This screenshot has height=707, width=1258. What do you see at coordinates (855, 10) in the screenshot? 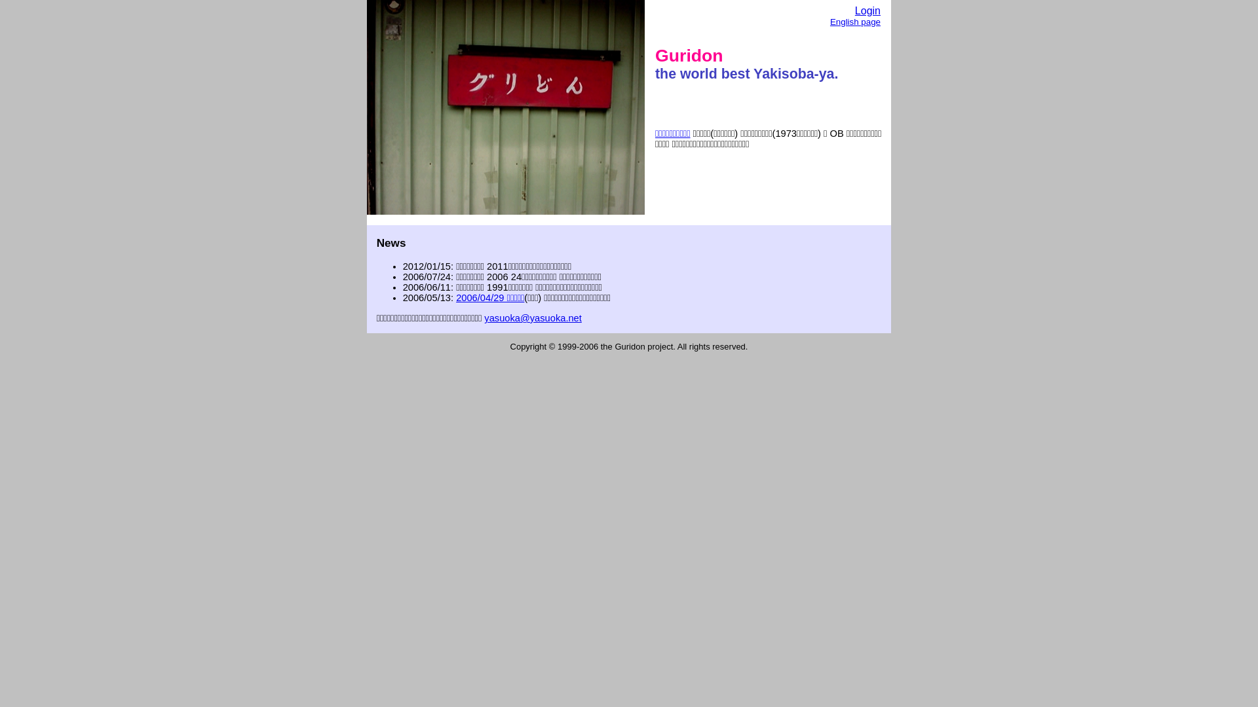
I see `'Login'` at bounding box center [855, 10].